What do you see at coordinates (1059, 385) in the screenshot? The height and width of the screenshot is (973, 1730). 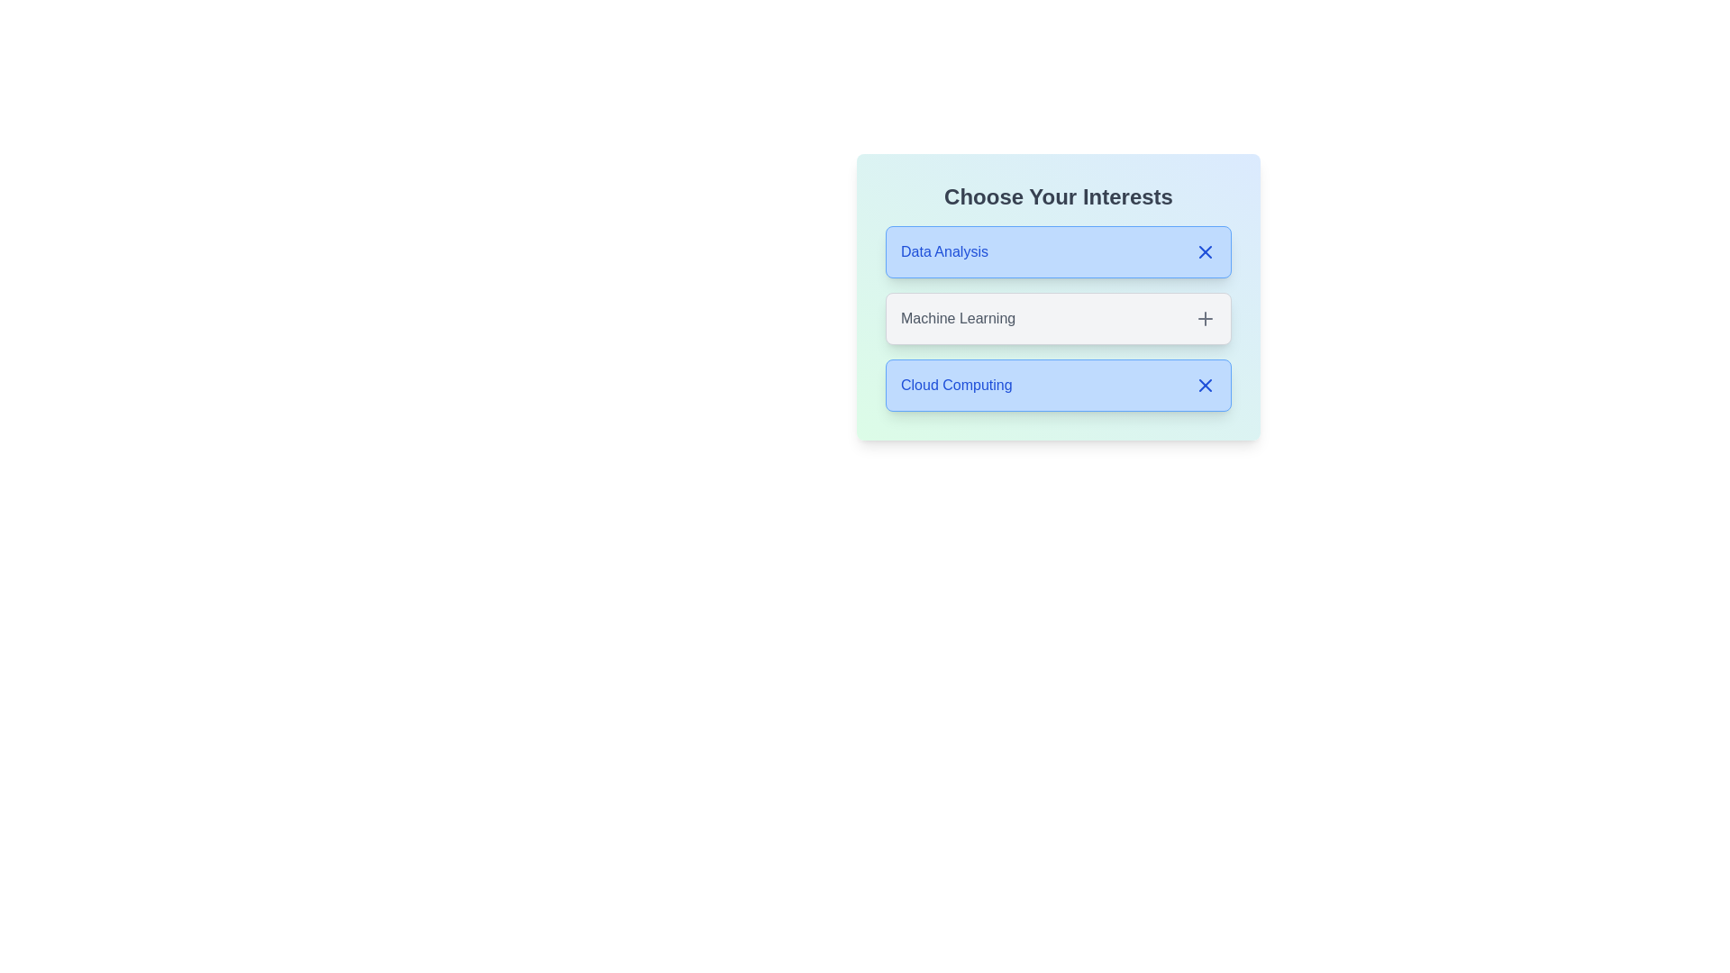 I see `the tag Cloud Computing by clicking on it` at bounding box center [1059, 385].